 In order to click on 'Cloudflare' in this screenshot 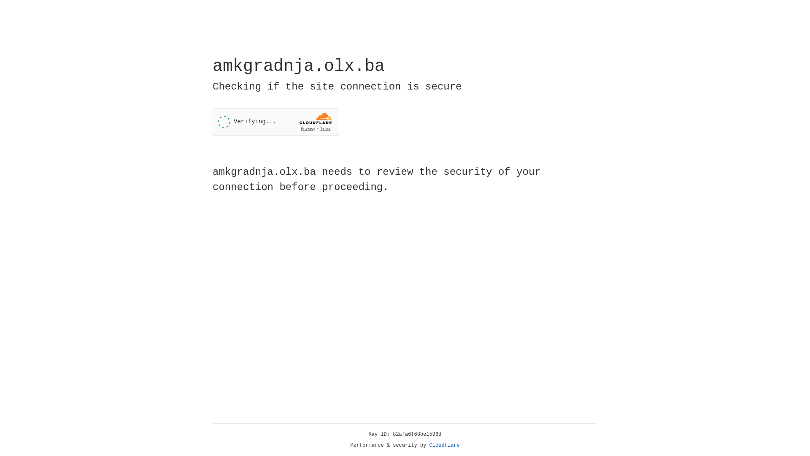, I will do `click(444, 445)`.